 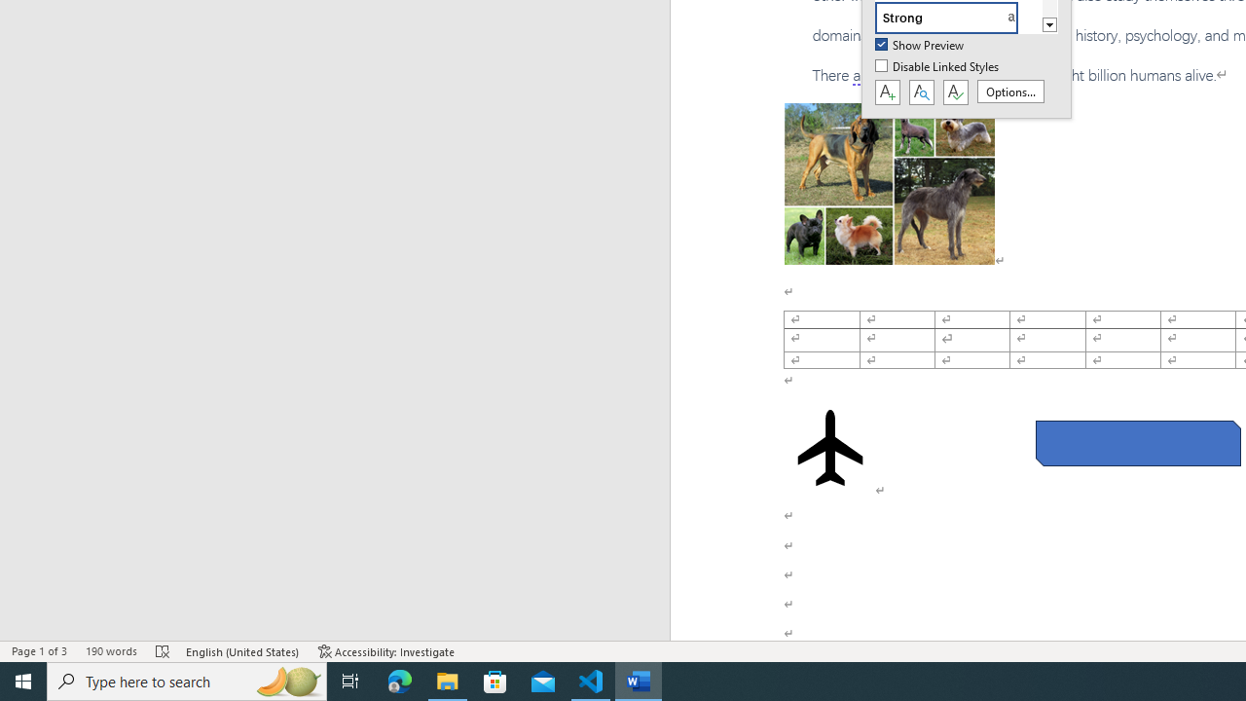 What do you see at coordinates (39, 651) in the screenshot?
I see `'Page Number Page 1 of 3'` at bounding box center [39, 651].